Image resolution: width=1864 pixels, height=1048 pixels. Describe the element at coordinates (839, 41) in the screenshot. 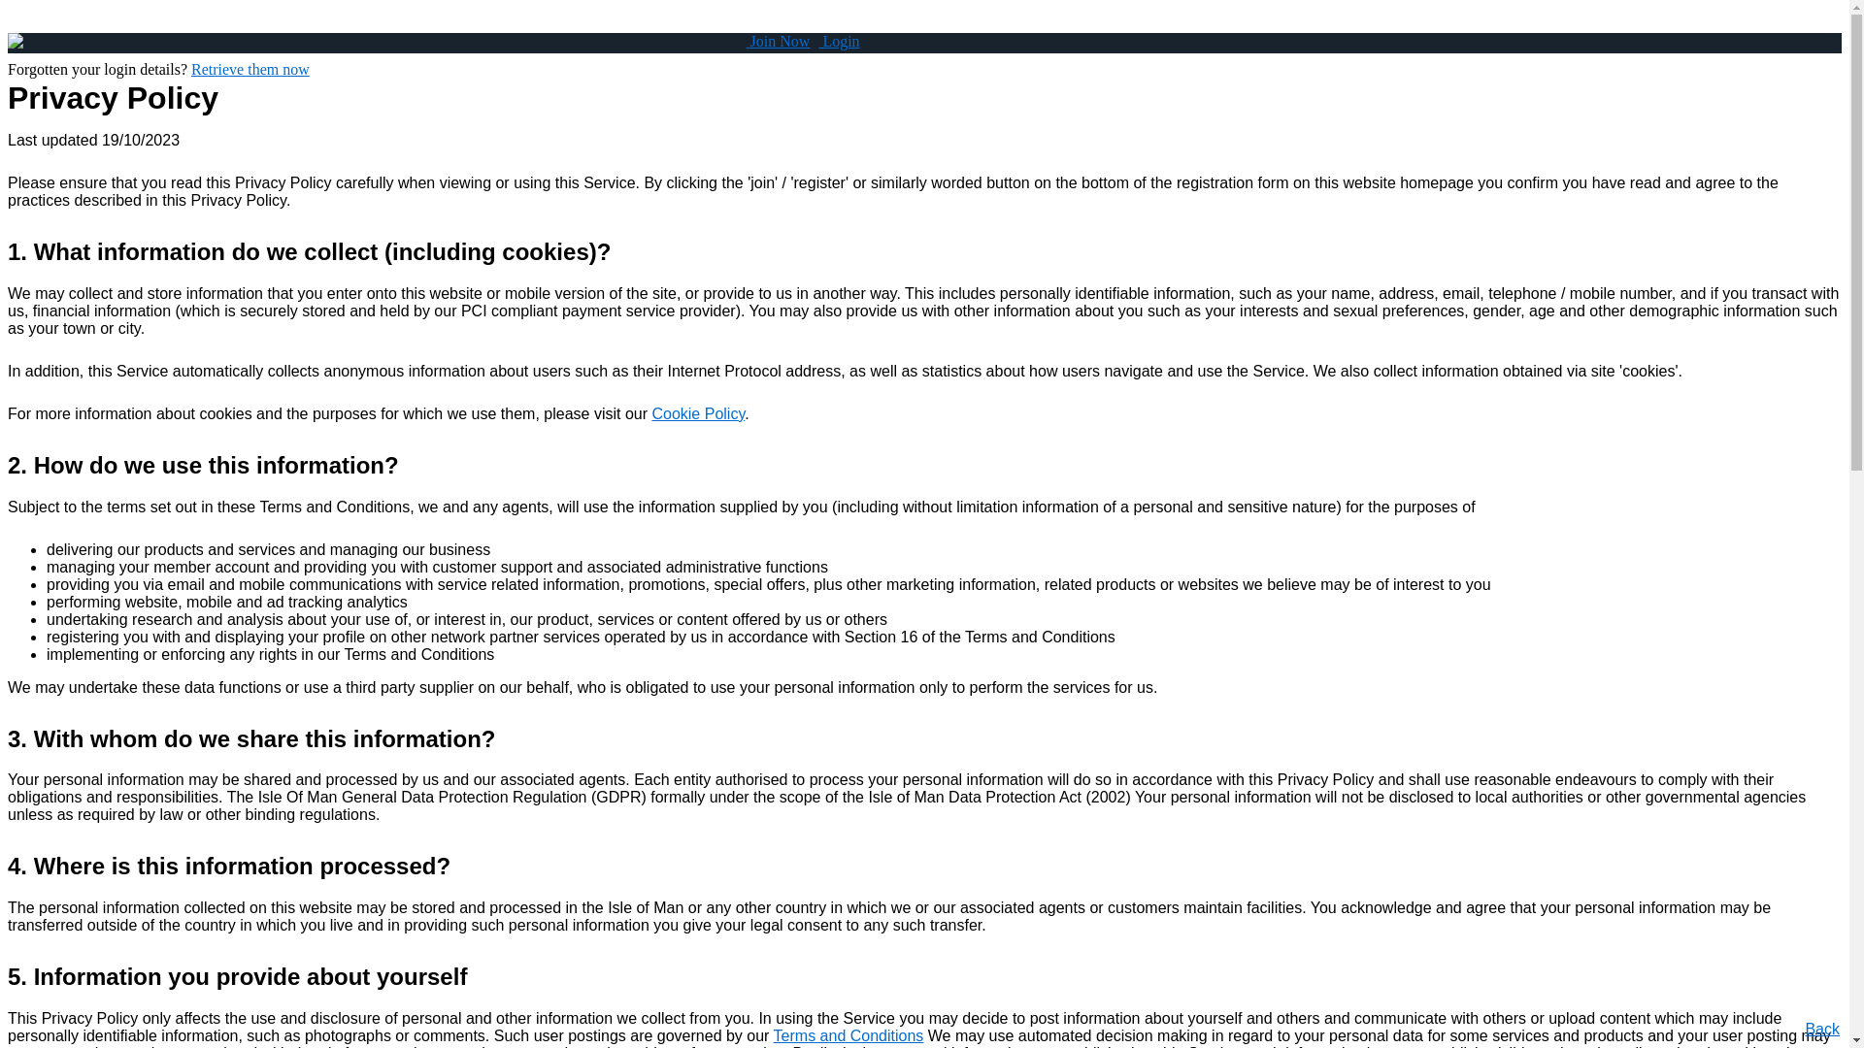

I see `' Login'` at that location.